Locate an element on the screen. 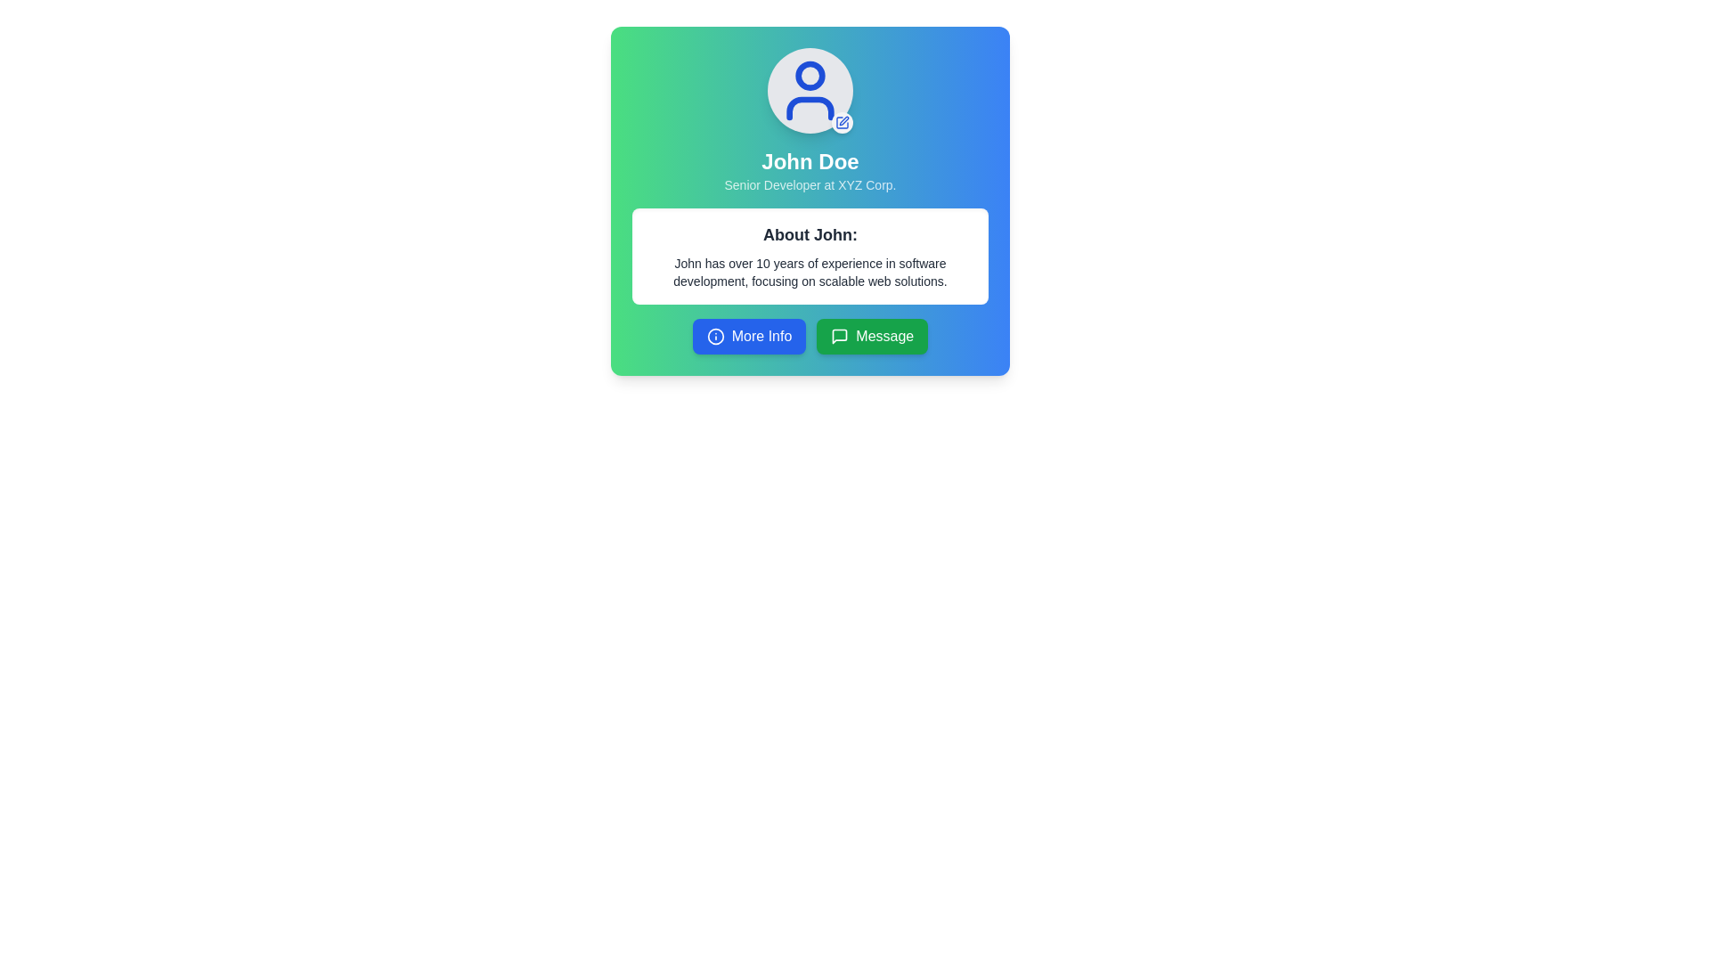  the small circular button with a blue pen icon located at the bottom-right corner of the user profile image is located at coordinates (841, 122).